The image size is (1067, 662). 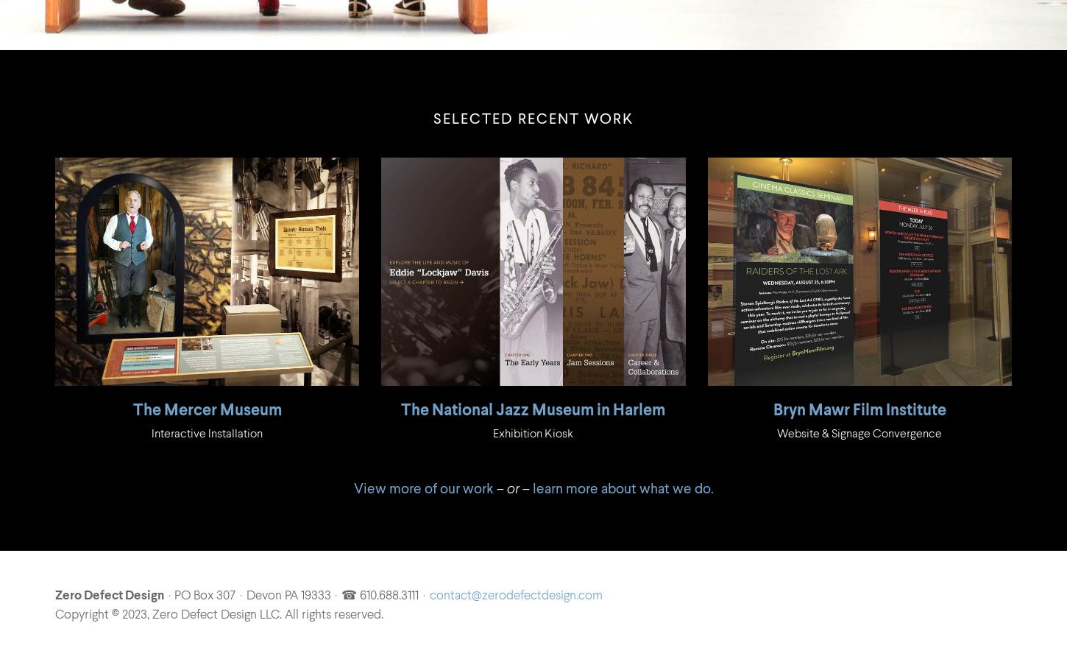 What do you see at coordinates (511, 488) in the screenshot?
I see `'or'` at bounding box center [511, 488].